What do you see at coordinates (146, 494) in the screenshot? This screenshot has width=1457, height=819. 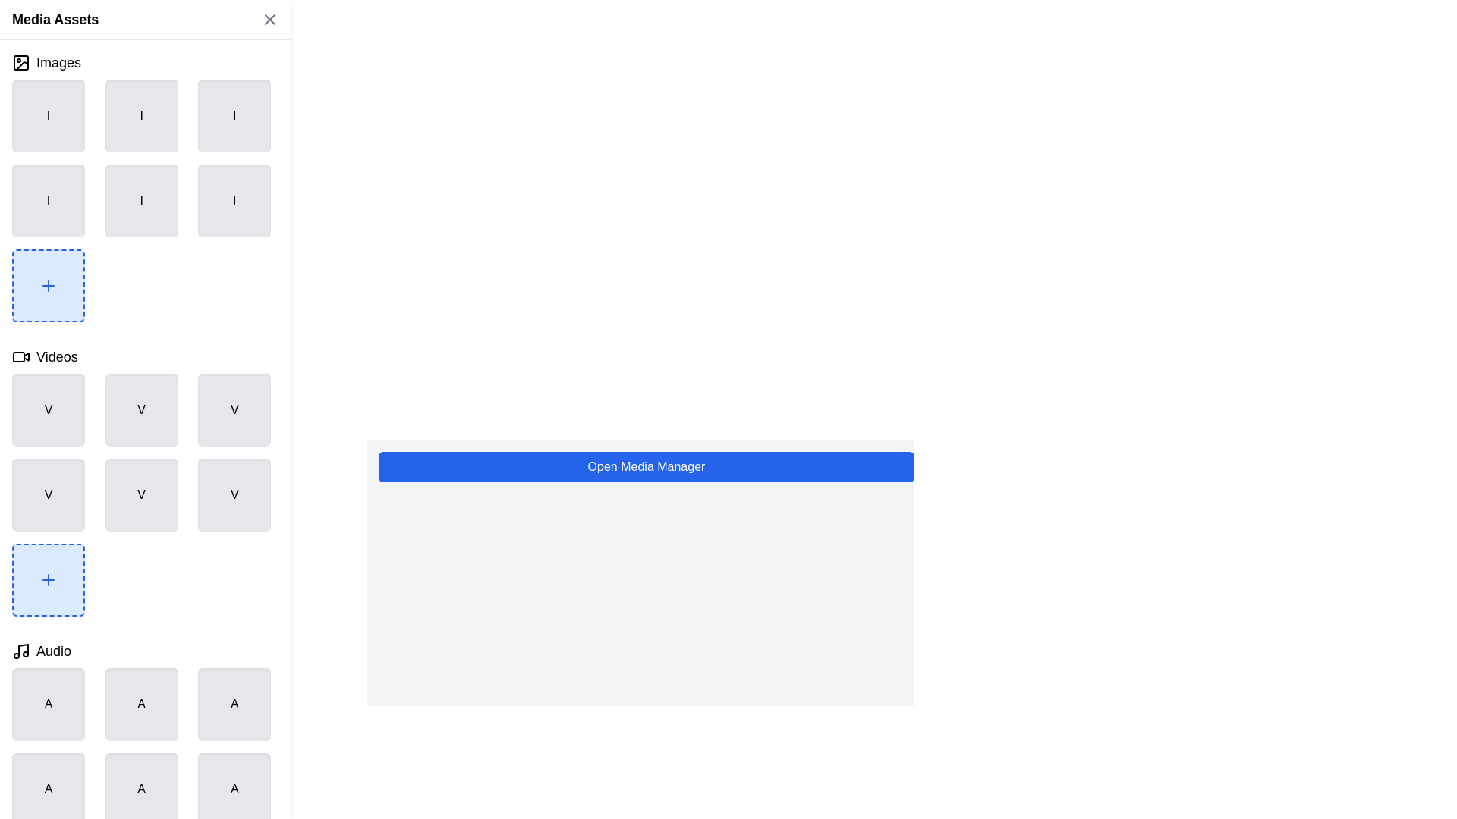 I see `the fifth item in the middle column of the second row in the media grid under the 'Videos' section` at bounding box center [146, 494].